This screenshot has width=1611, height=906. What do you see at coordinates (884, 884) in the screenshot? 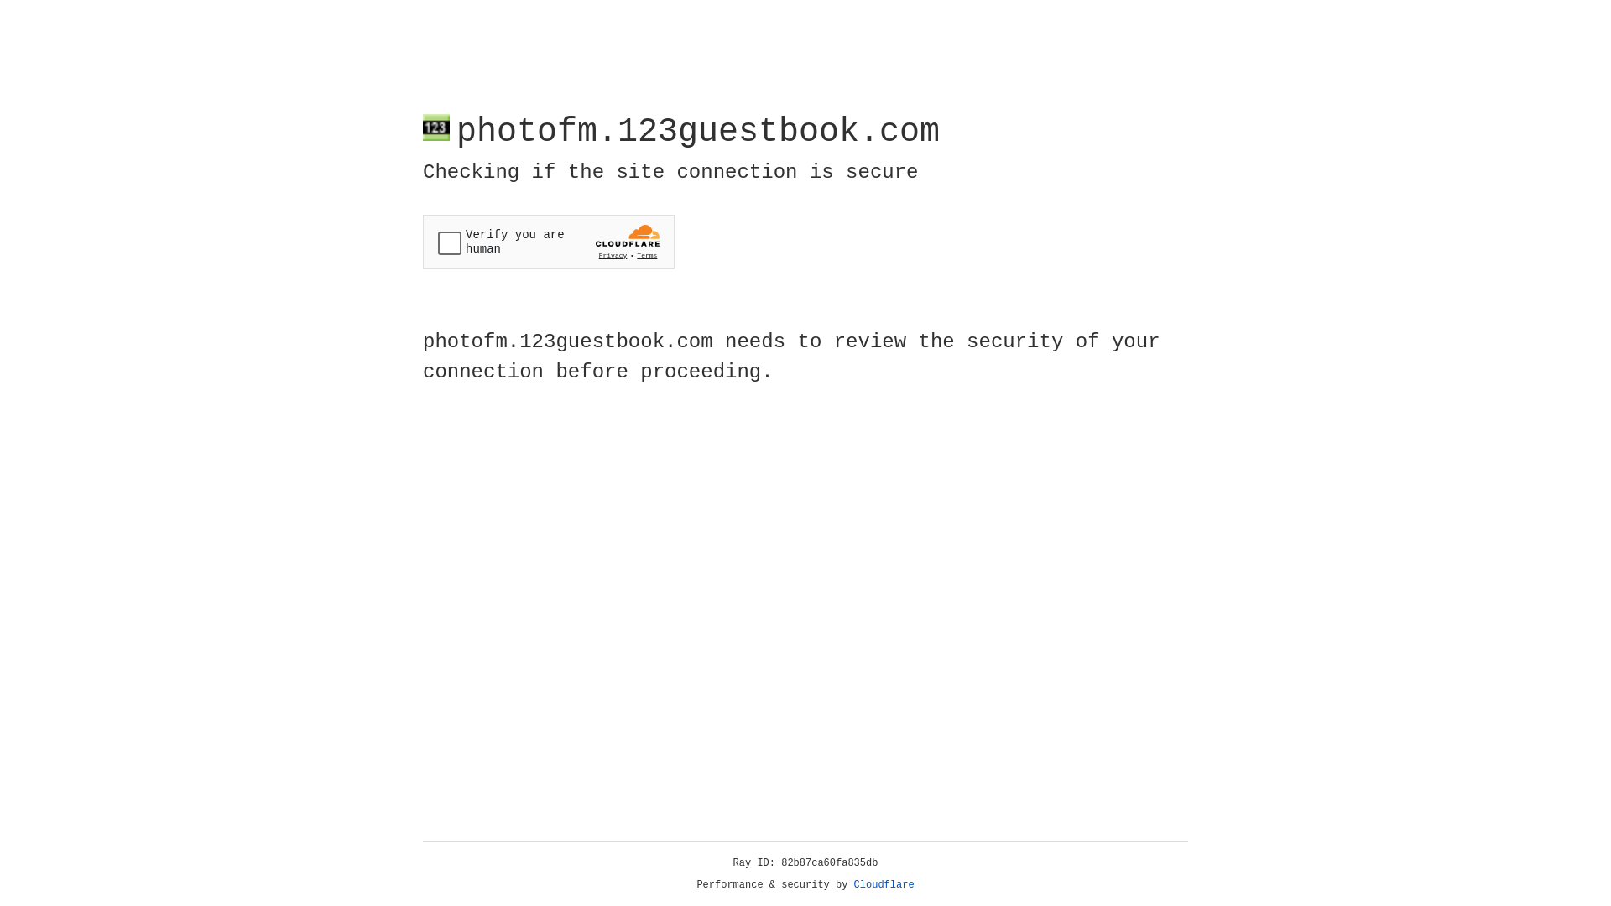
I see `'Cloudflare'` at bounding box center [884, 884].